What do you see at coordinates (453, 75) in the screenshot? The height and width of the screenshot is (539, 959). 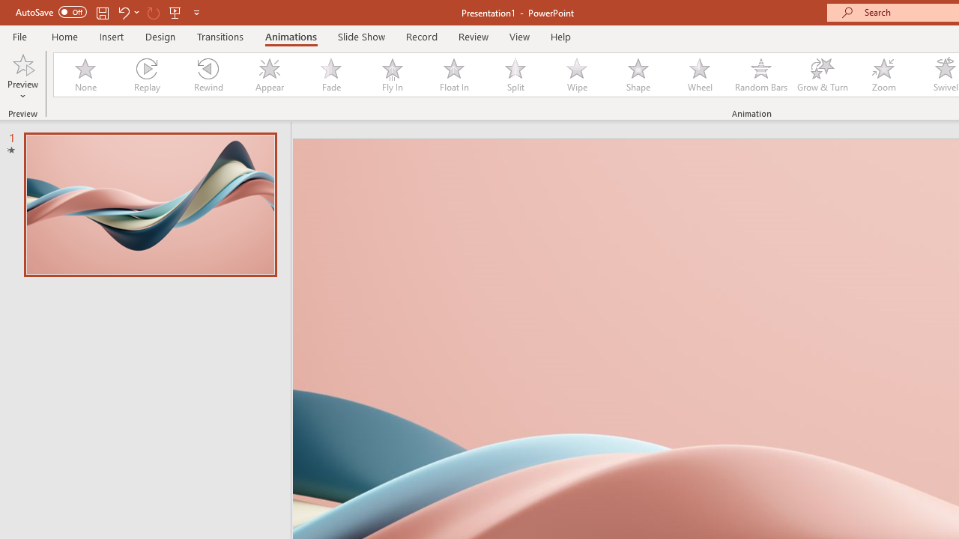 I see `'Float In'` at bounding box center [453, 75].